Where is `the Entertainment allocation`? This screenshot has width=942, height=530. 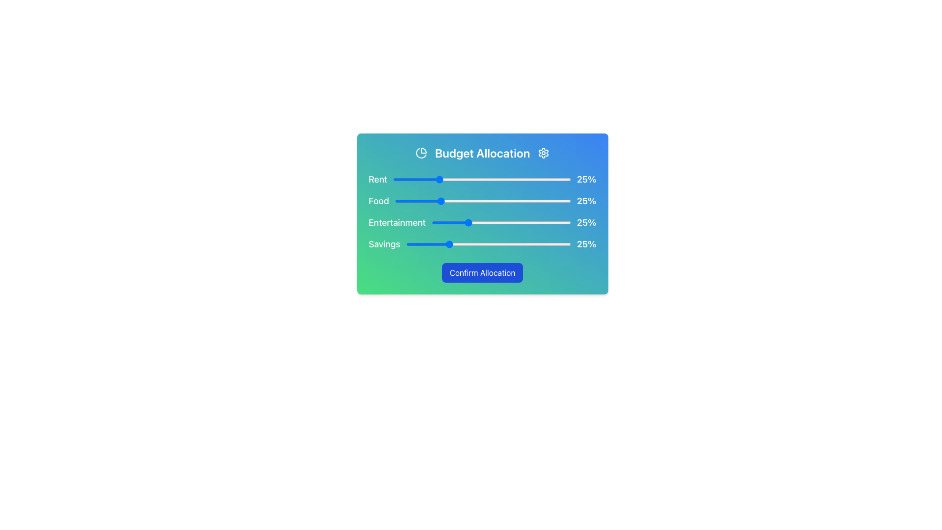 the Entertainment allocation is located at coordinates (452, 223).